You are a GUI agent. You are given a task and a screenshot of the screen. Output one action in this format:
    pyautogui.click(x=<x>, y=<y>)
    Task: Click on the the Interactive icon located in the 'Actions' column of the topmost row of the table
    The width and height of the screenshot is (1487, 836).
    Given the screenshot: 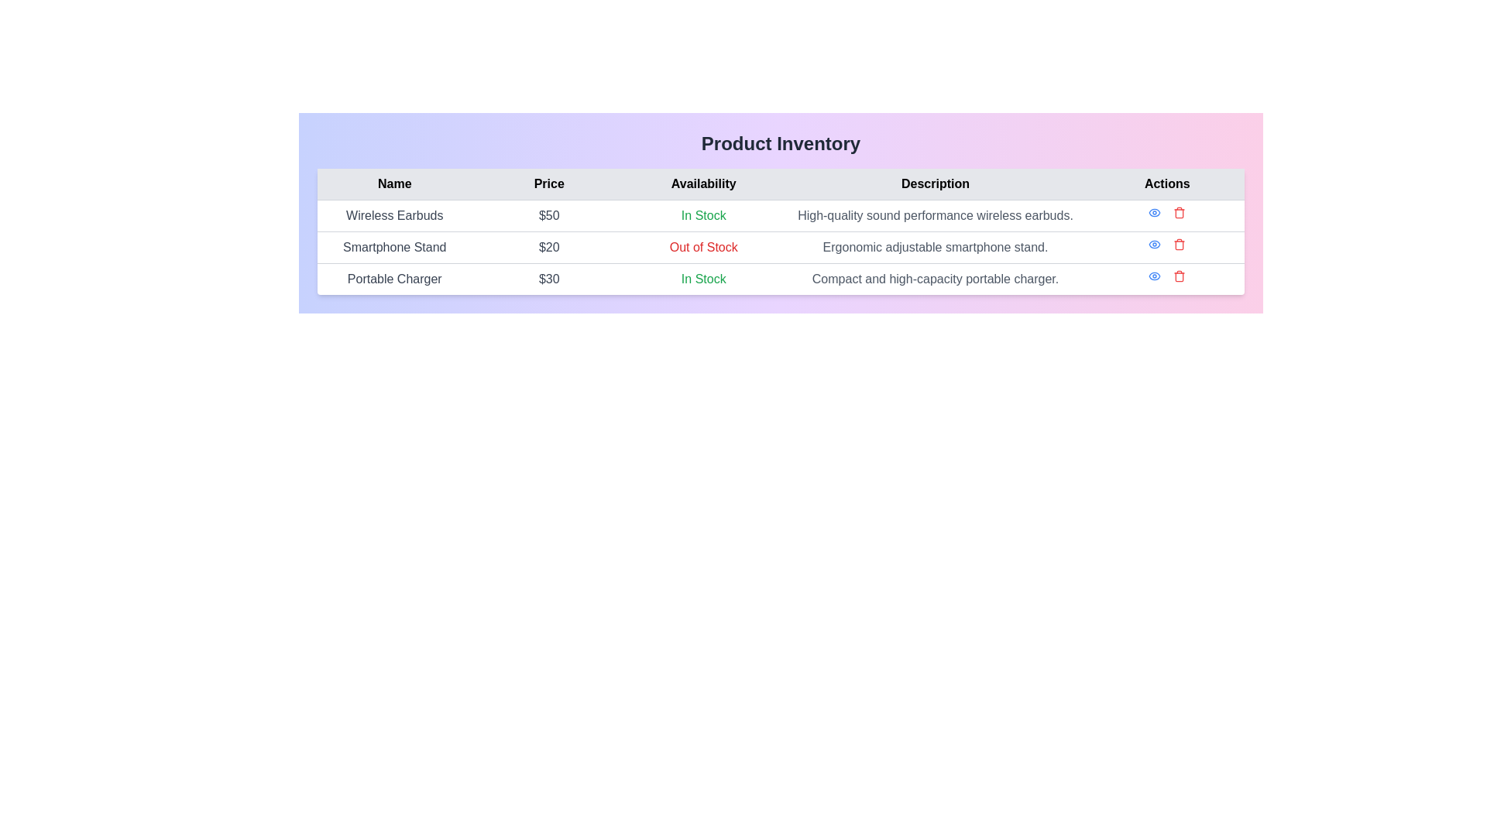 What is the action you would take?
    pyautogui.click(x=1155, y=212)
    